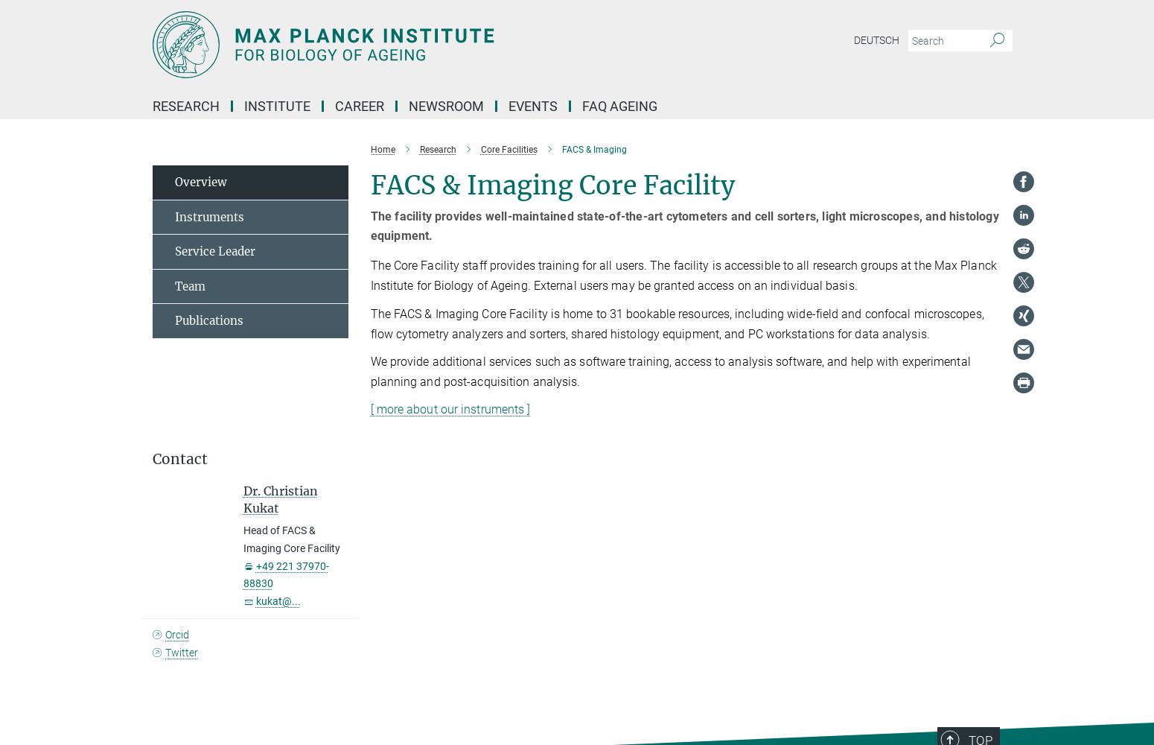 Image resolution: width=1154 pixels, height=745 pixels. I want to click on 'Fish Facility', so click(211, 323).